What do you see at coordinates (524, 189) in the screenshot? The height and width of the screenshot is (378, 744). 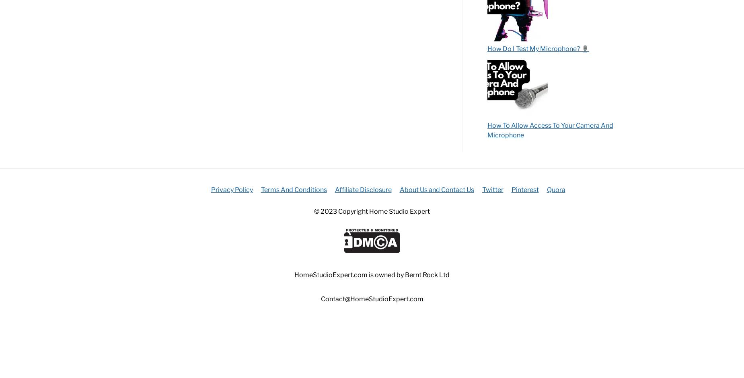 I see `'Pinterest'` at bounding box center [524, 189].